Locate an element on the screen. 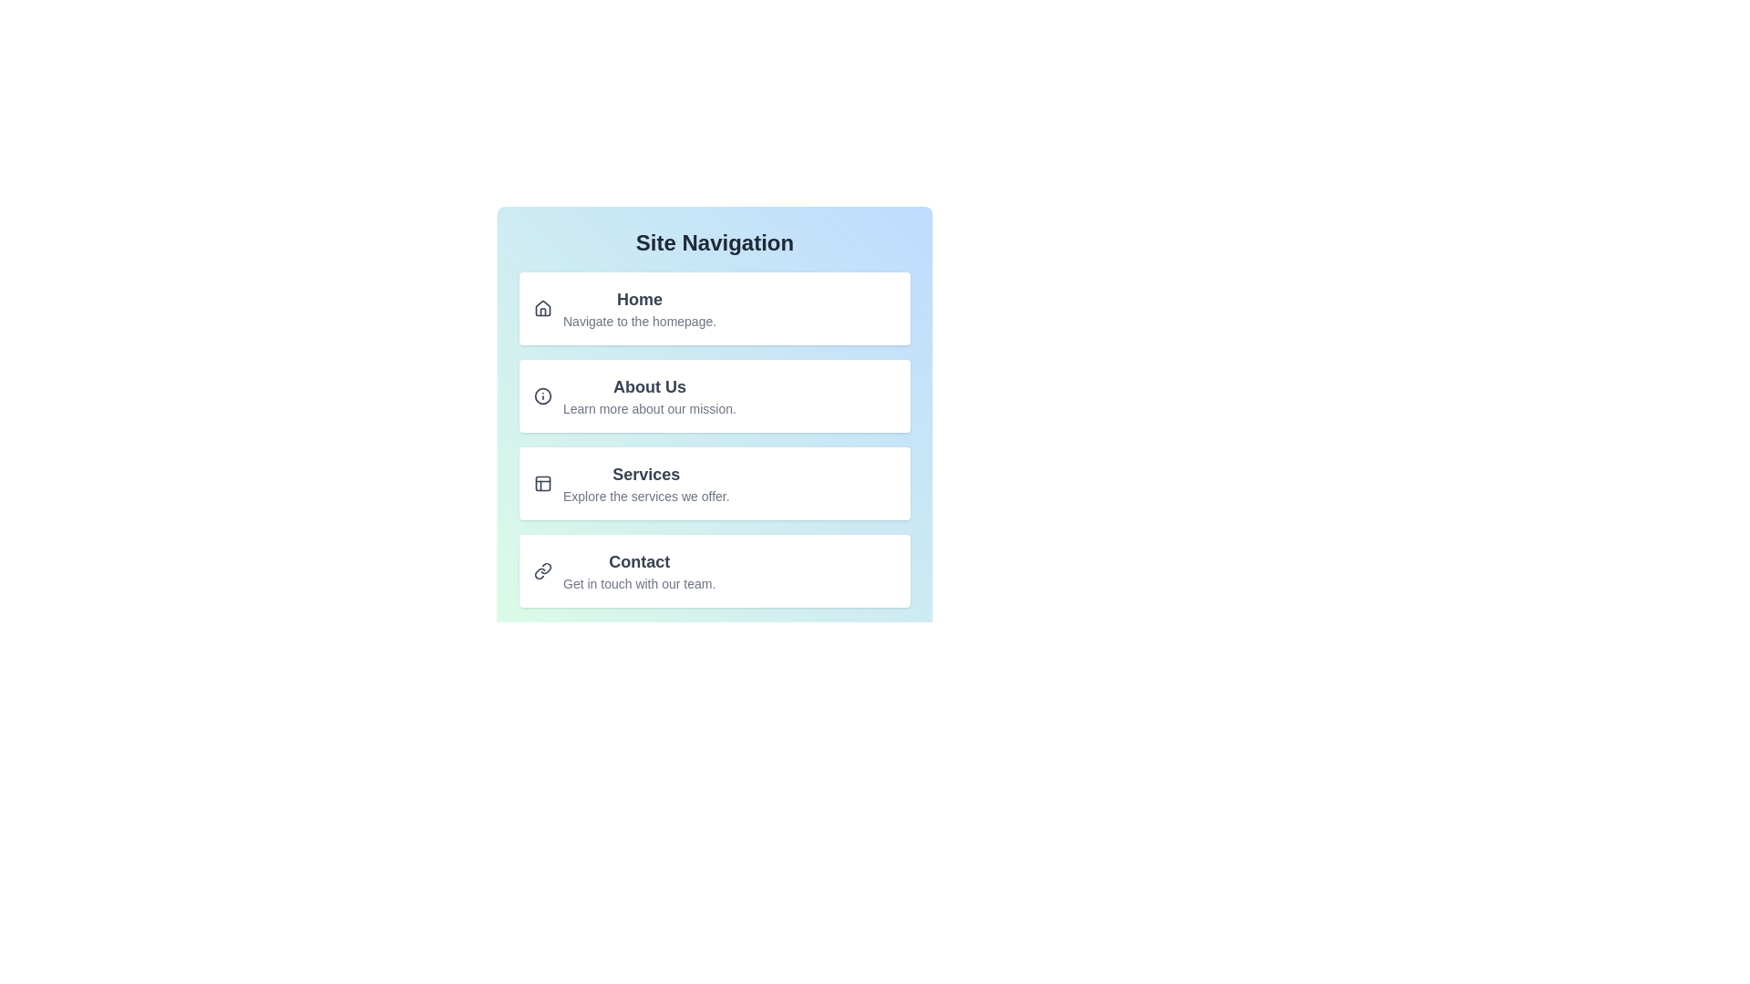 The width and height of the screenshot is (1750, 984). the bold text label reading 'About Us', which is centrally located between the 'Home' and 'Services' sections in the navigation items is located at coordinates (649, 385).